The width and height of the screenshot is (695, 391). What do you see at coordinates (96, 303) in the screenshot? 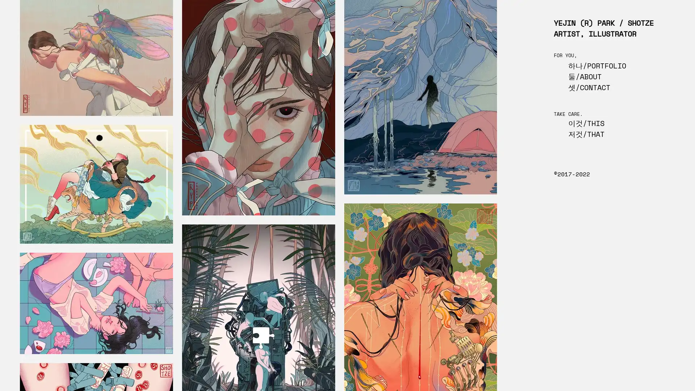
I see `THOSE (LONG) DAYS` at bounding box center [96, 303].